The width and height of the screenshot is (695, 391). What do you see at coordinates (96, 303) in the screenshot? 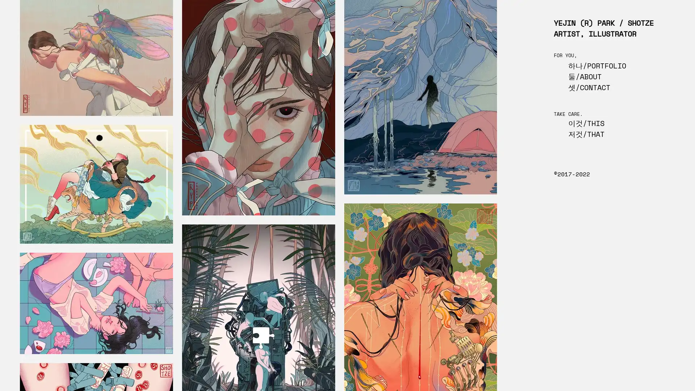
I see `THOSE (LONG) DAYS` at bounding box center [96, 303].